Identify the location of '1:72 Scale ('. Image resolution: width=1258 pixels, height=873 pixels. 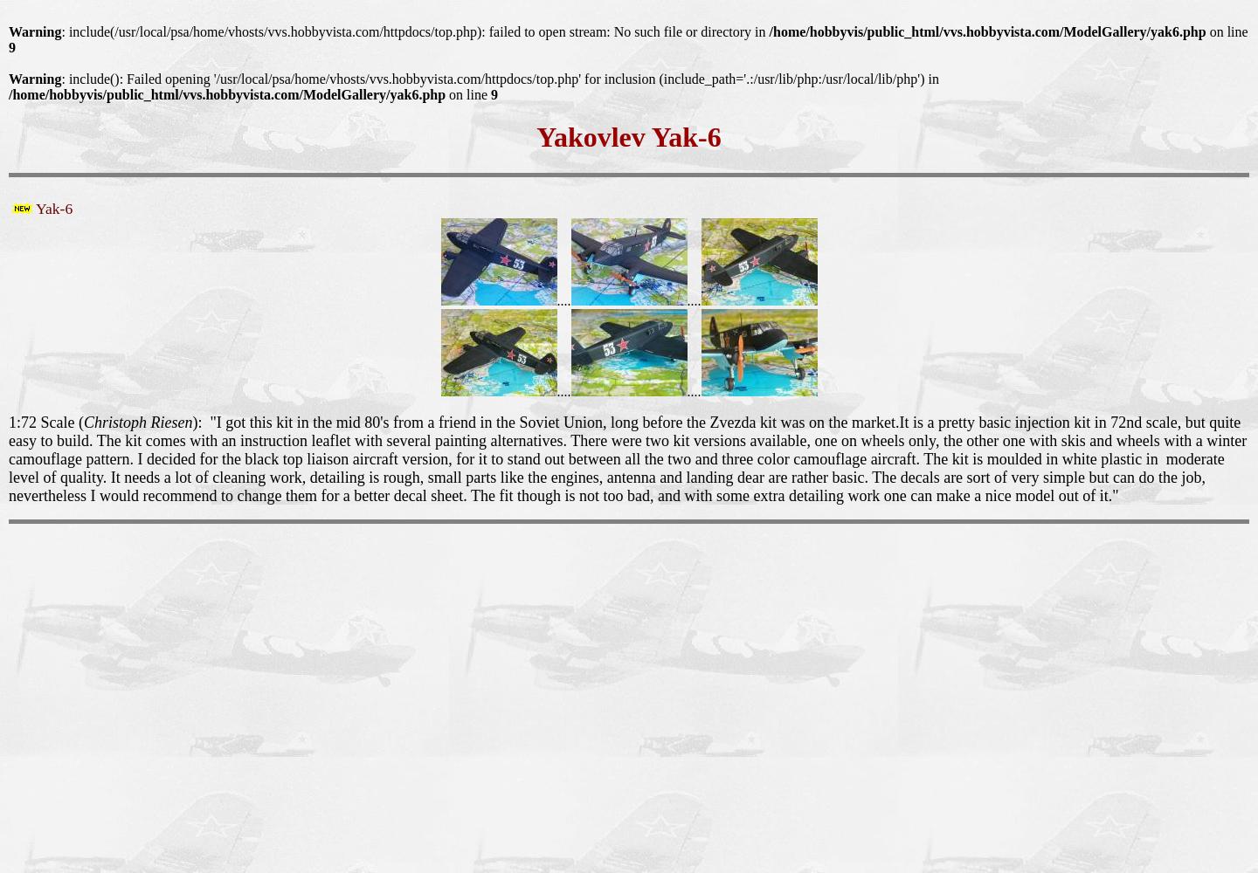
(45, 421).